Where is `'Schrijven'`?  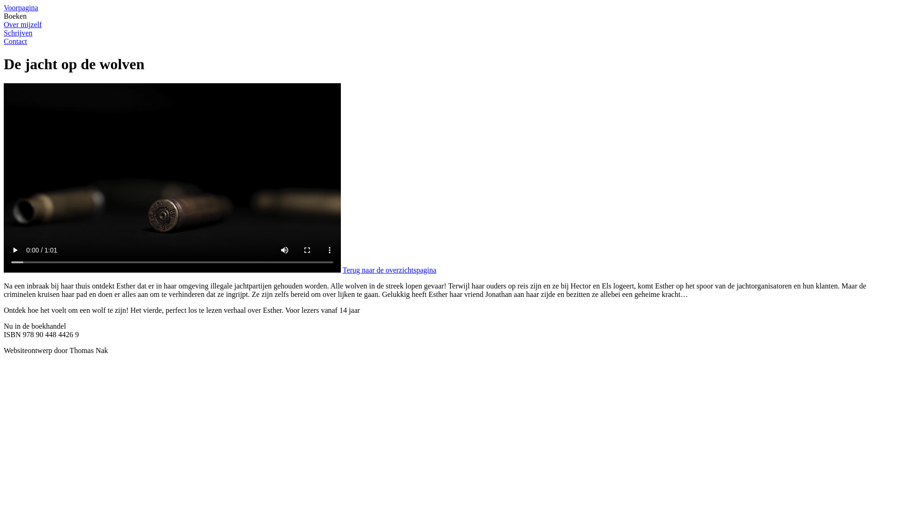
'Schrijven' is located at coordinates (449, 32).